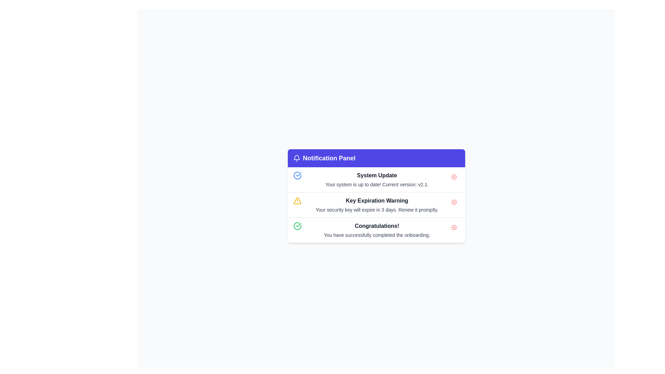  Describe the element at coordinates (454, 176) in the screenshot. I see `the red circular button with a cross inside, located at the right end of the 'System Update' notification row` at that location.